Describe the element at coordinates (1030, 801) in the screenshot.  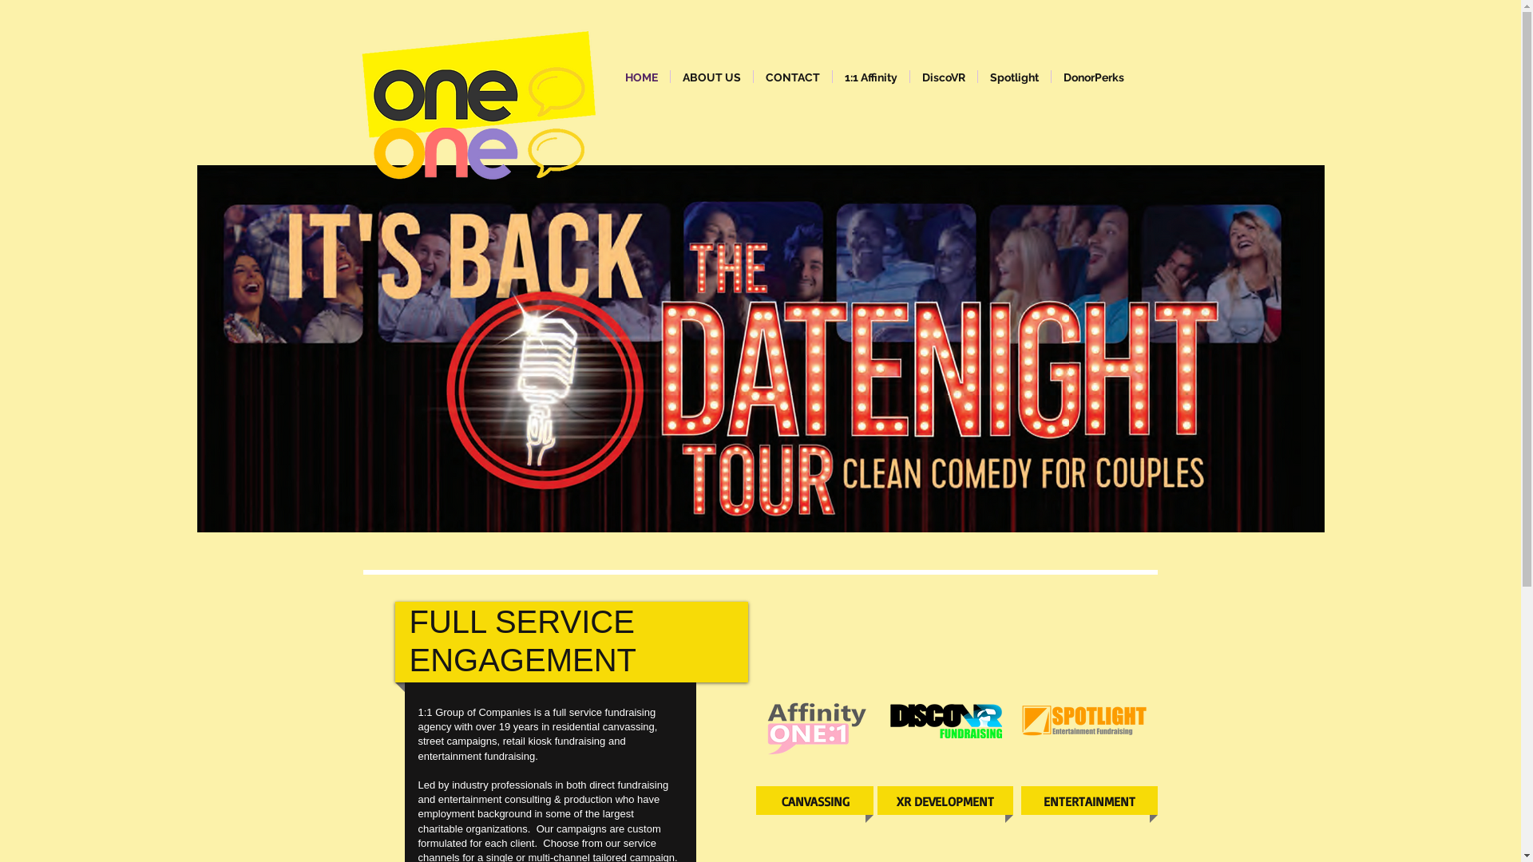
I see `'ENTERTAINMENT'` at that location.